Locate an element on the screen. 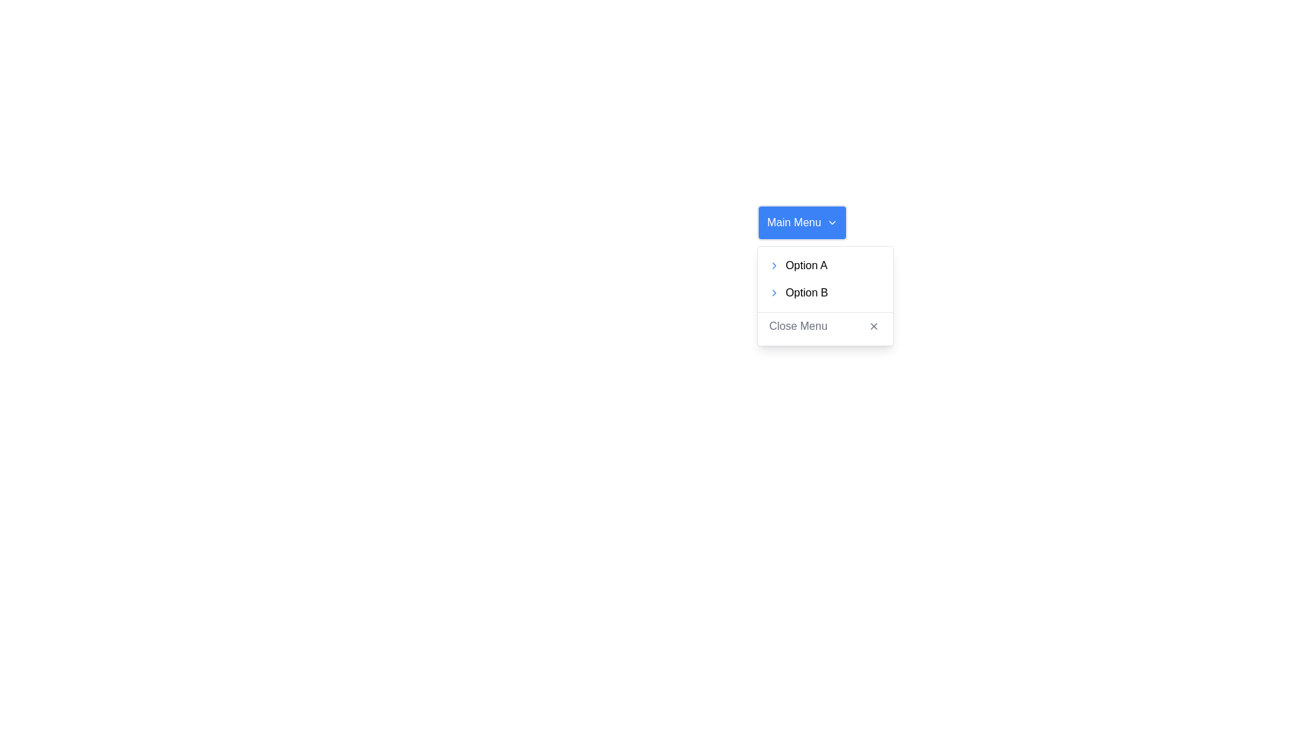  the close button for the dropdown menu, which is aligned to the right of the 'Close Menu' text is located at coordinates (874, 326).